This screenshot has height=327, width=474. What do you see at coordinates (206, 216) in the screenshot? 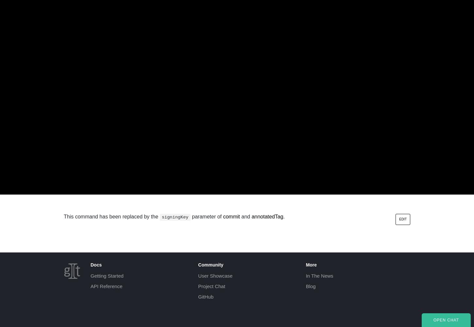
I see `'parameter of'` at bounding box center [206, 216].